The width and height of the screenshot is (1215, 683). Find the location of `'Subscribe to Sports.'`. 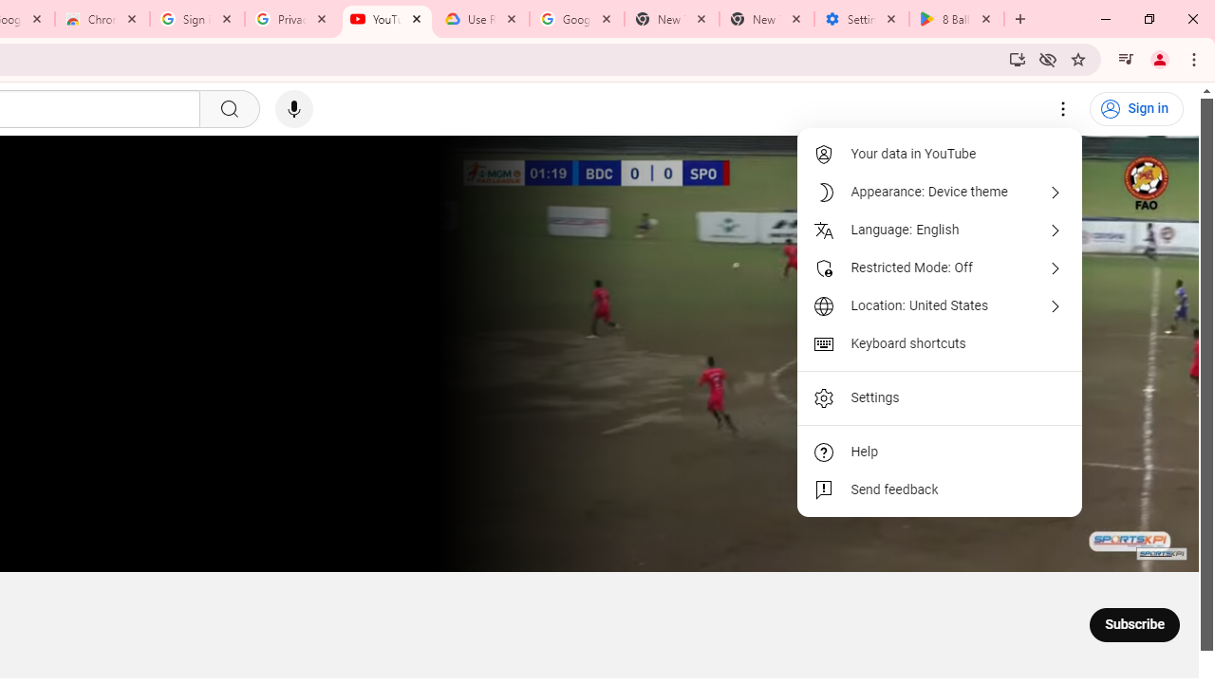

'Subscribe to Sports.' is located at coordinates (1134, 624).